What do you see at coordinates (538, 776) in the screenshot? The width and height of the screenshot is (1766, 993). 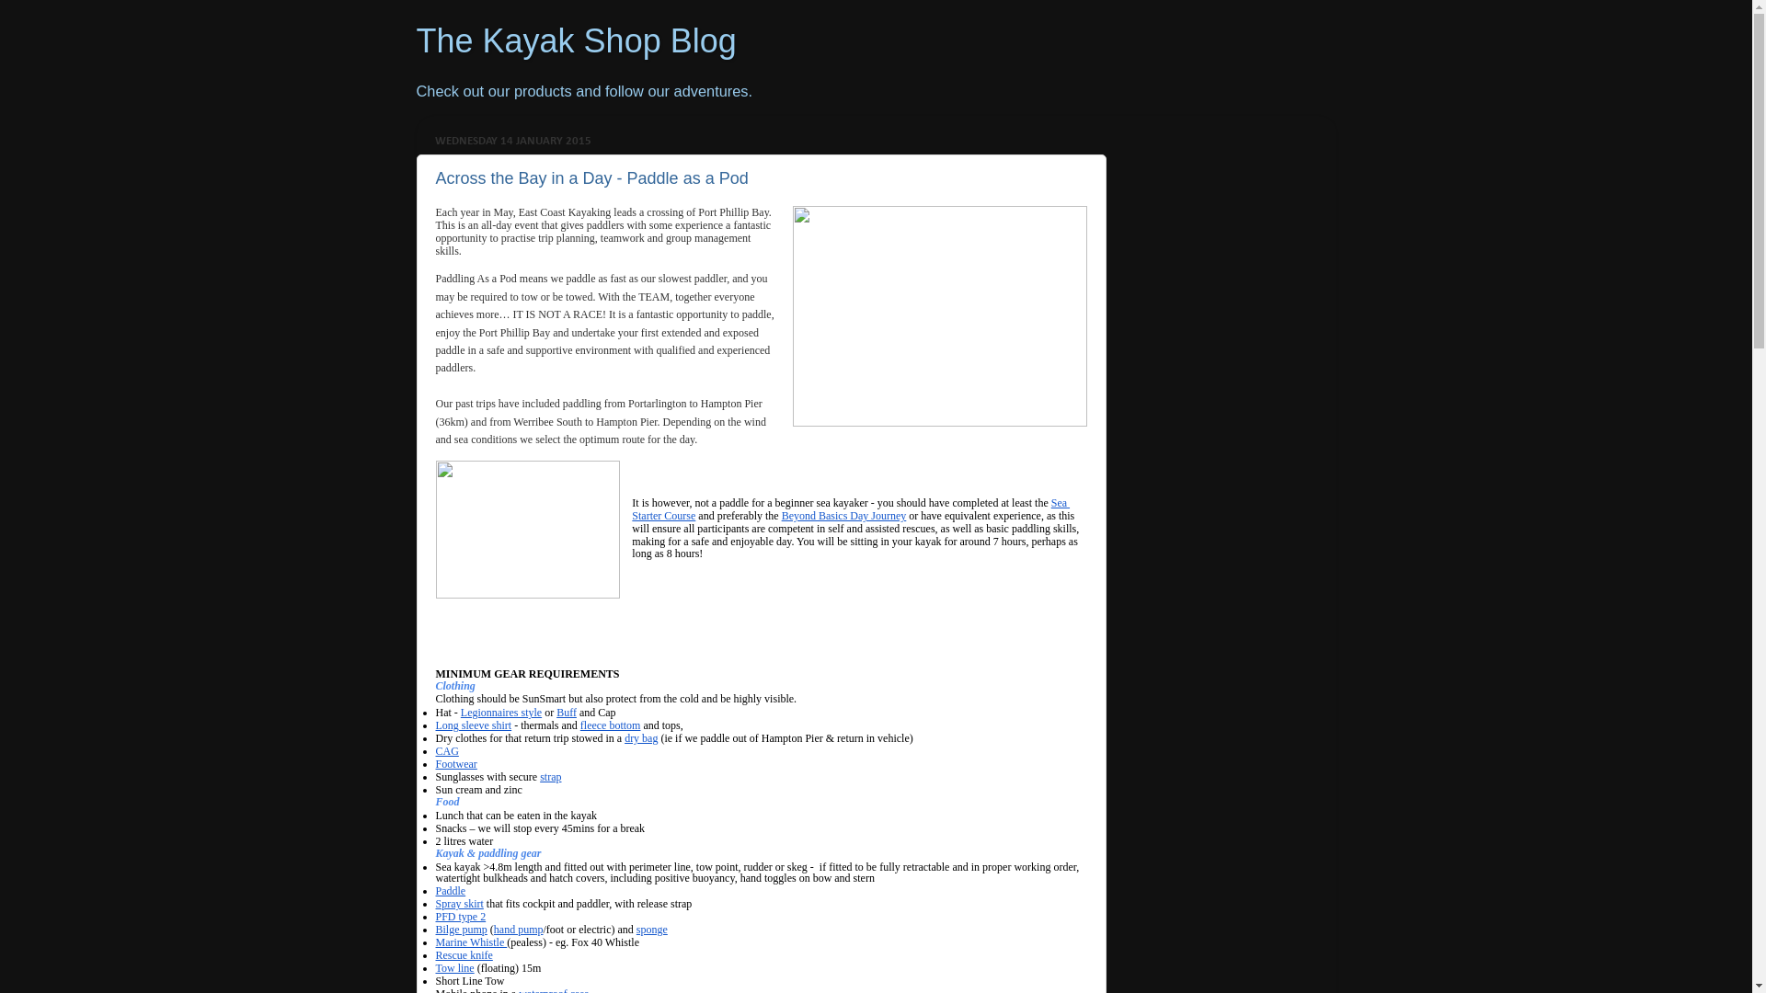 I see `'strap'` at bounding box center [538, 776].